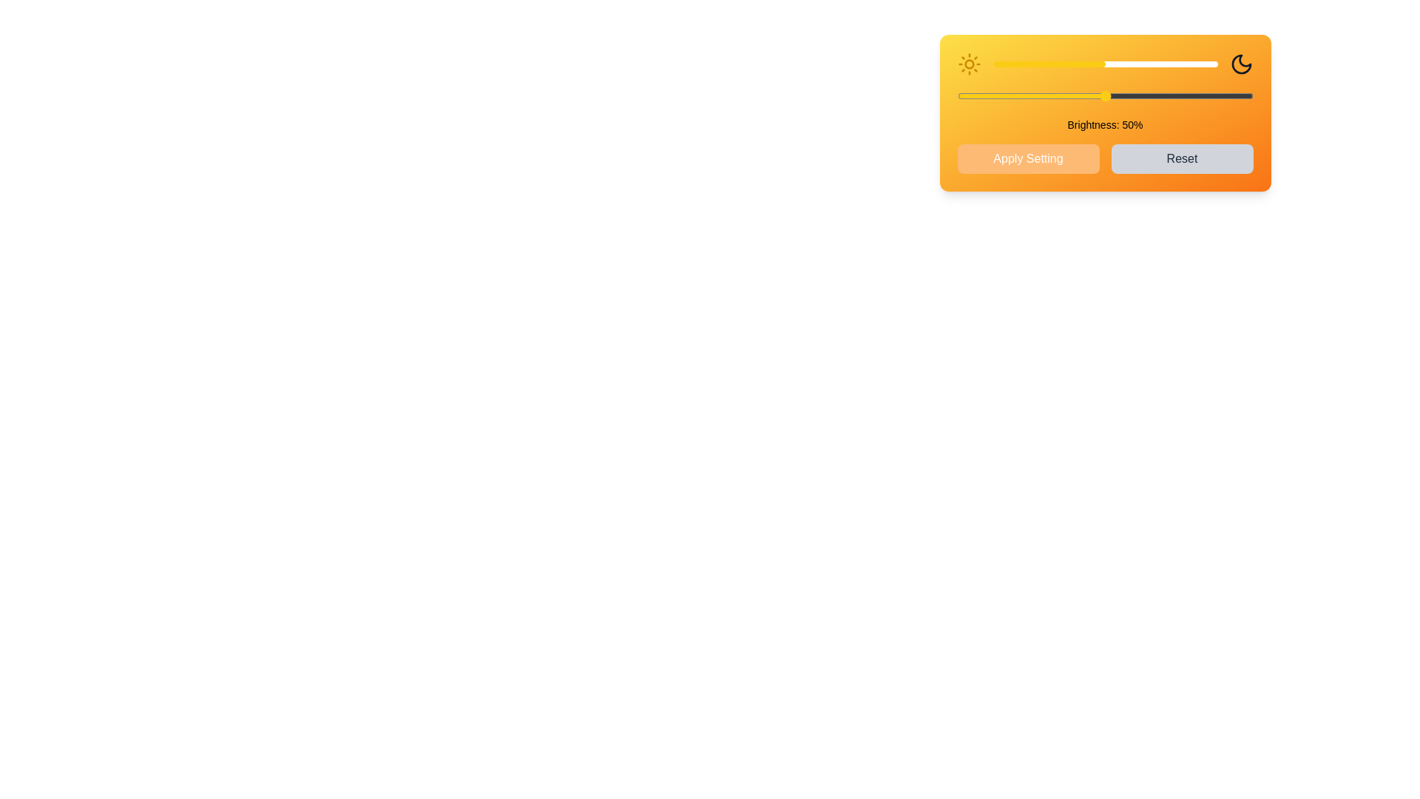 The height and width of the screenshot is (799, 1420). I want to click on the brightness slider to set the brightness level to 5, so click(1004, 64).